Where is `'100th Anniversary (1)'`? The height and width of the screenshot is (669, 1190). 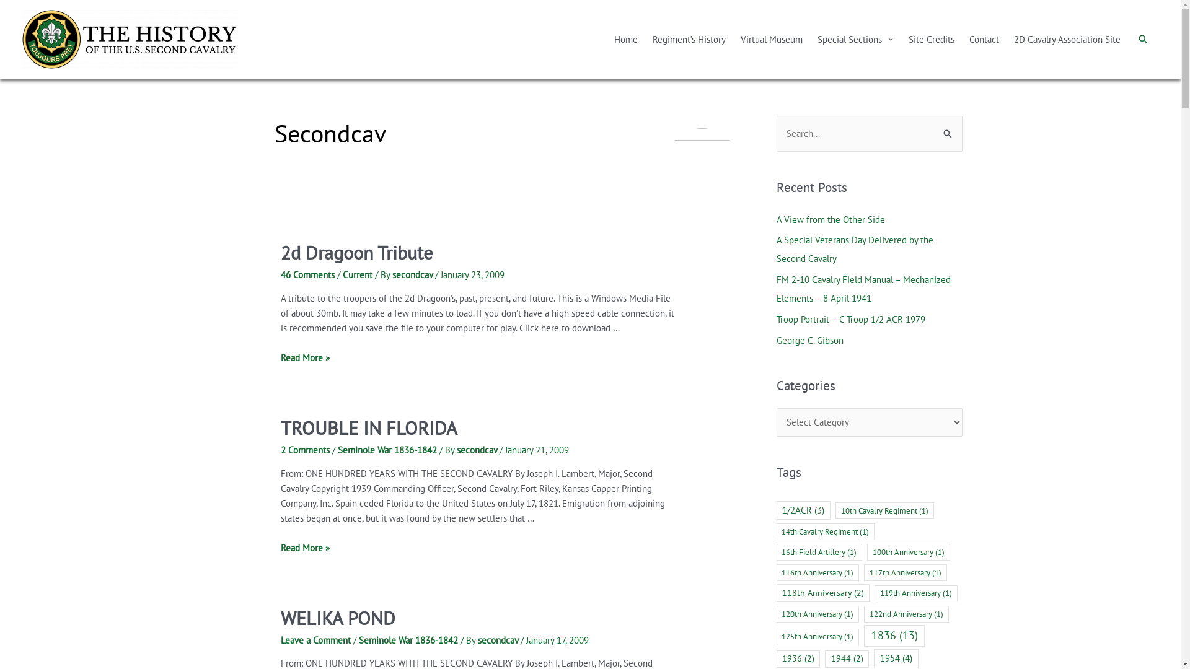 '100th Anniversary (1)' is located at coordinates (908, 551).